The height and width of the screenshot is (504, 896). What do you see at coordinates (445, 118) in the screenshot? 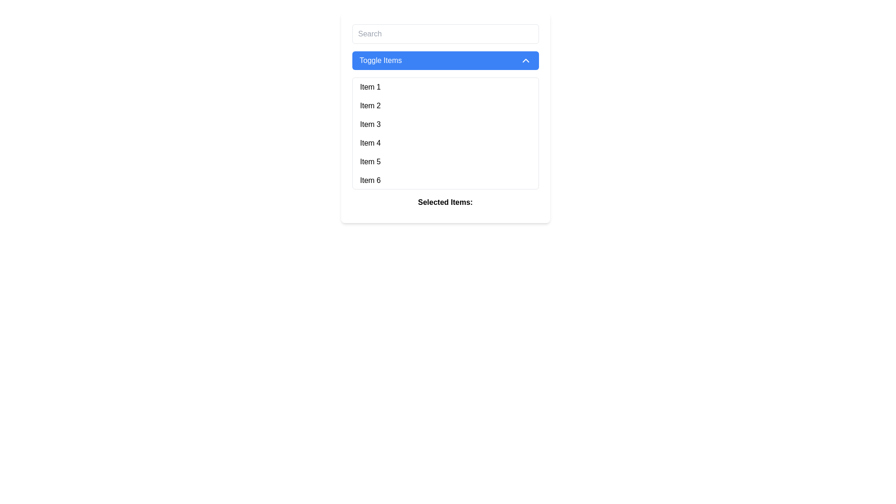
I see `the scroll view containing list items positioned below the 'Toggle Items' button` at bounding box center [445, 118].